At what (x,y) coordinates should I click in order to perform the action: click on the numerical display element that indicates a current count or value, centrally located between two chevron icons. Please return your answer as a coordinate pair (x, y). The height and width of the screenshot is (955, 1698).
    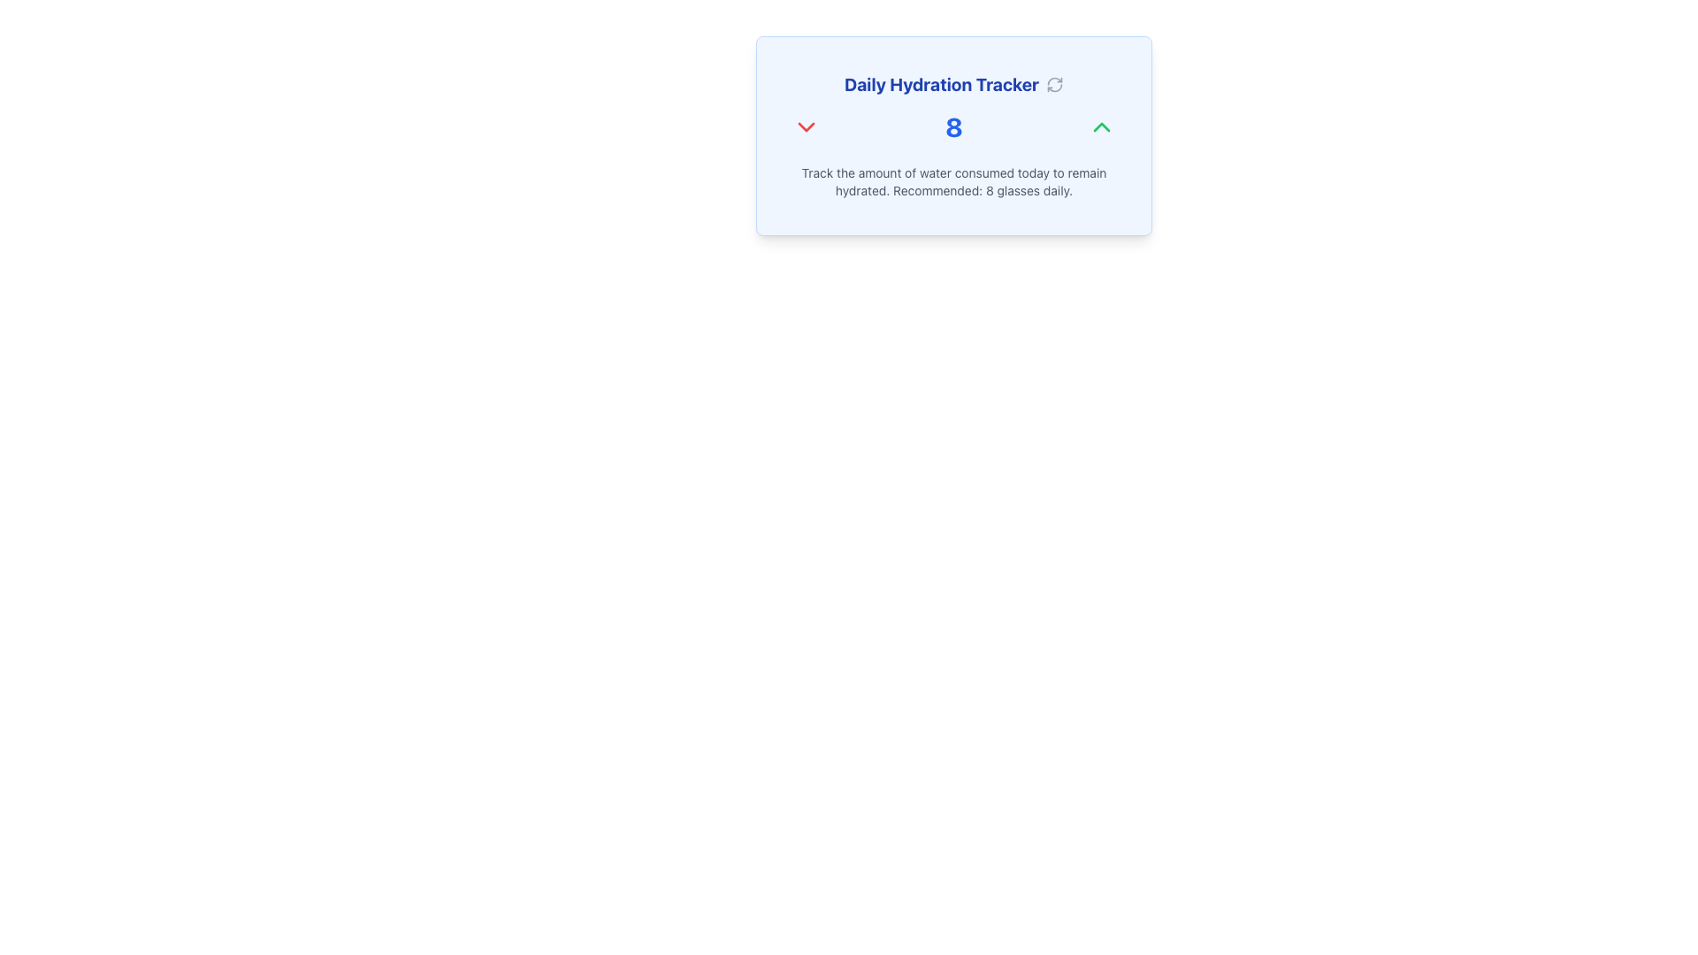
    Looking at the image, I should click on (953, 126).